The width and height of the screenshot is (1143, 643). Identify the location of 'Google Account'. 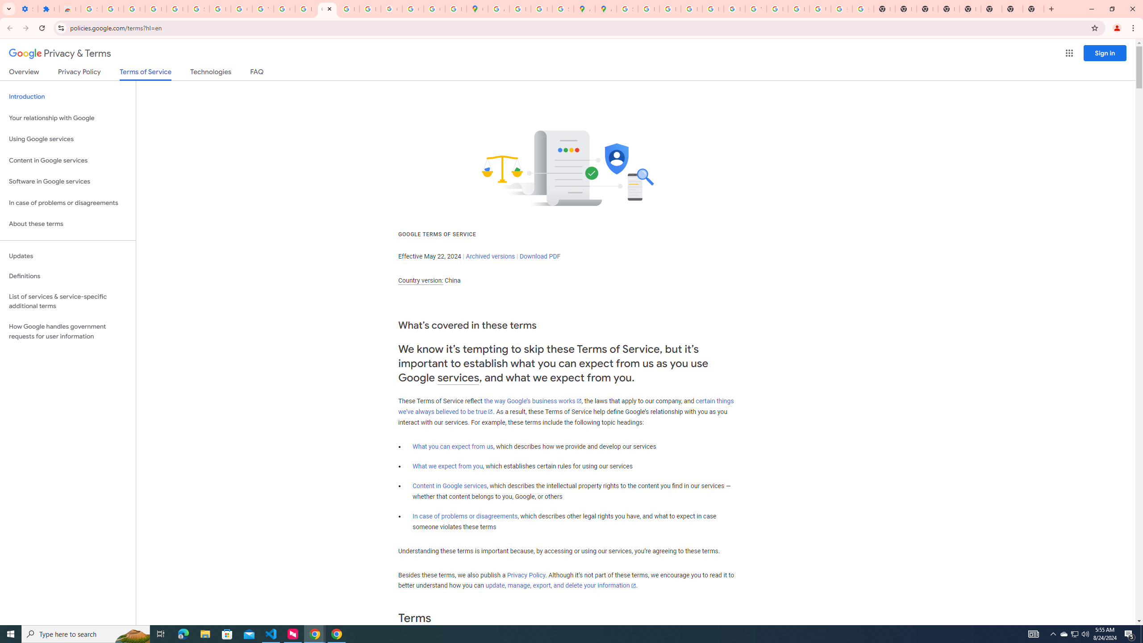
(241, 8).